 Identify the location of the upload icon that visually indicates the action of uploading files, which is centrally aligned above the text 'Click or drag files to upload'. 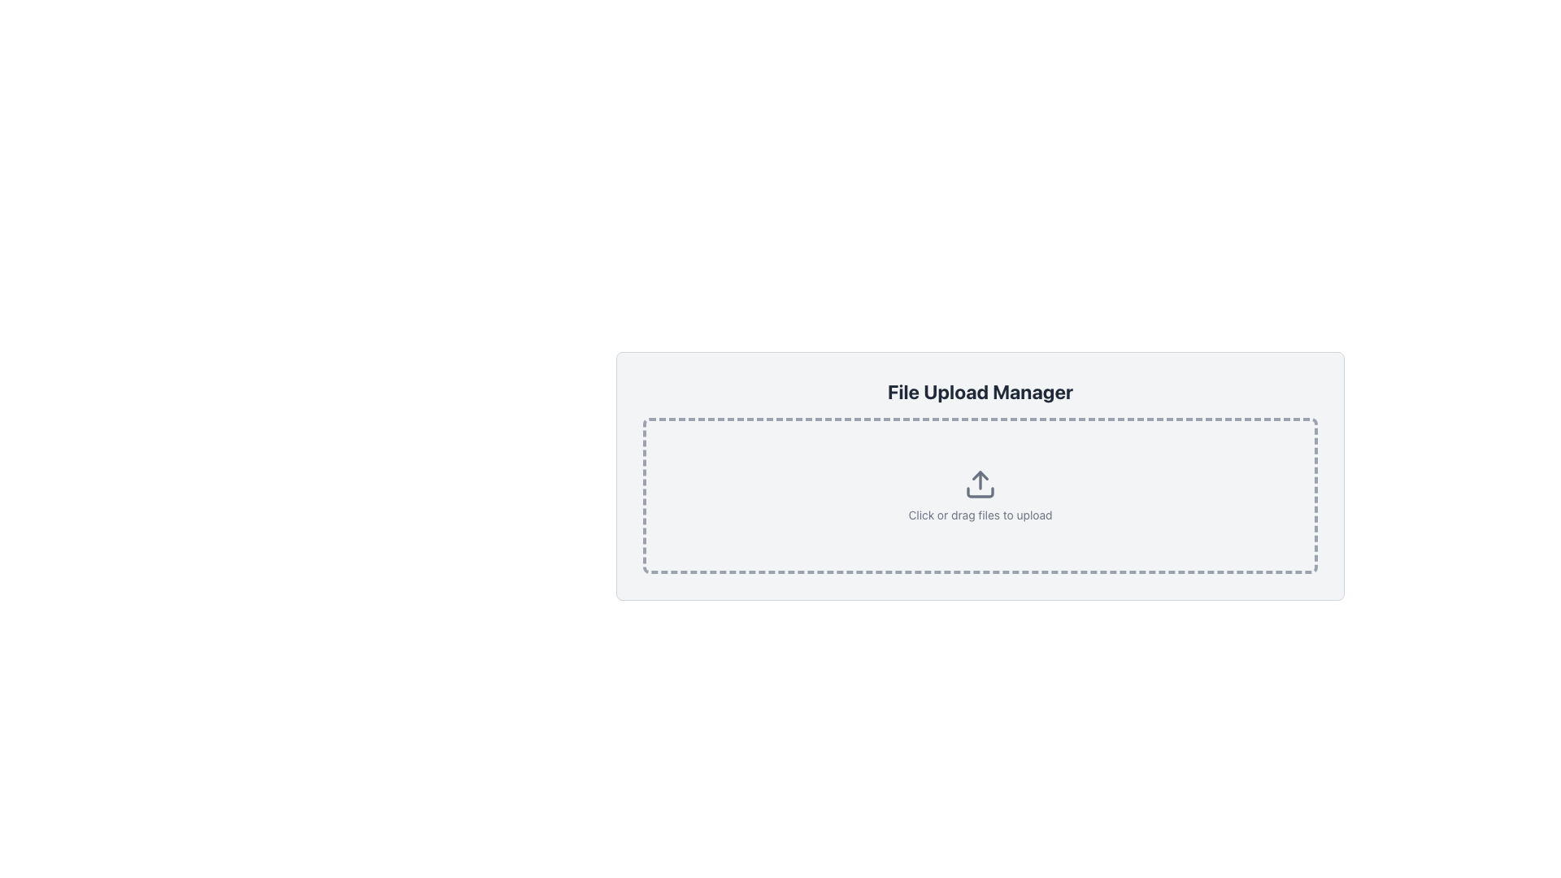
(979, 484).